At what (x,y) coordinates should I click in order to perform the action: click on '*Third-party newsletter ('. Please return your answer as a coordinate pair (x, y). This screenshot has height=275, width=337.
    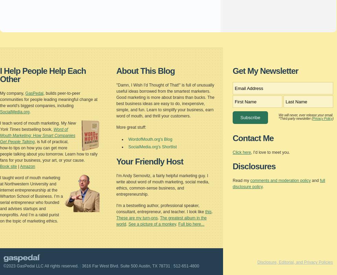
    Looking at the image, I should click on (278, 118).